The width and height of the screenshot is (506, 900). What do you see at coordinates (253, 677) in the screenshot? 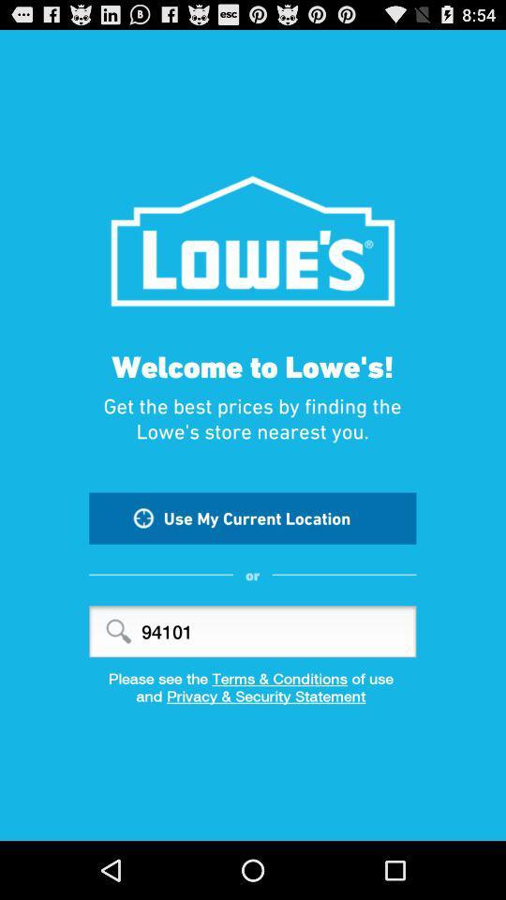
I see `the please see the icon` at bounding box center [253, 677].